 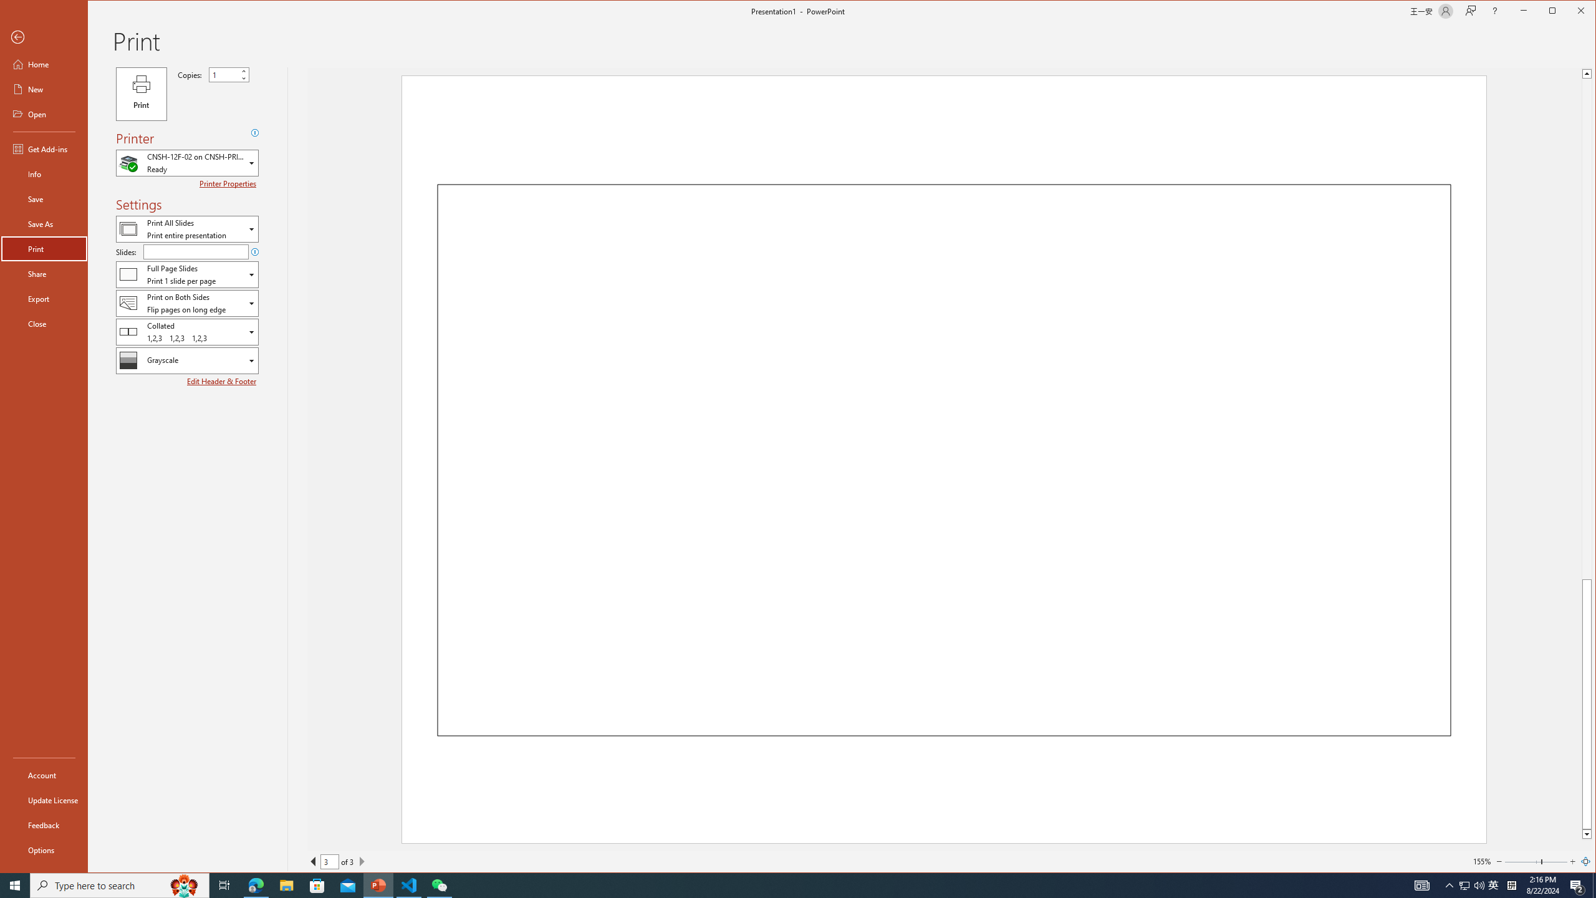 What do you see at coordinates (43, 824) in the screenshot?
I see `'Feedback'` at bounding box center [43, 824].